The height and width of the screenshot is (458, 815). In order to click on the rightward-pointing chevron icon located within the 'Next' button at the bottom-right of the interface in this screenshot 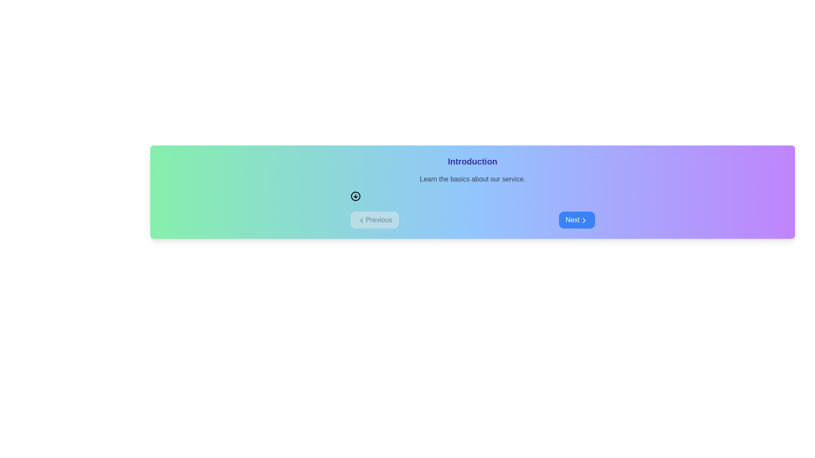, I will do `click(583, 220)`.